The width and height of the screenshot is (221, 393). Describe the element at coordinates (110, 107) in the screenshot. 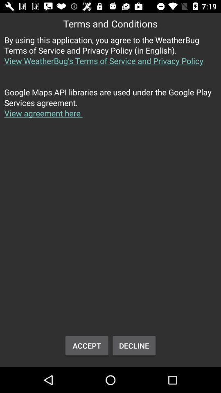

I see `button above accept icon` at that location.